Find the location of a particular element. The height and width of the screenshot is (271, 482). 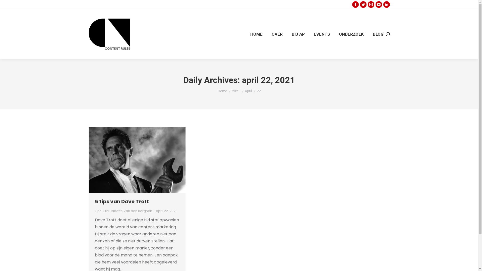

'2021' is located at coordinates (236, 91).